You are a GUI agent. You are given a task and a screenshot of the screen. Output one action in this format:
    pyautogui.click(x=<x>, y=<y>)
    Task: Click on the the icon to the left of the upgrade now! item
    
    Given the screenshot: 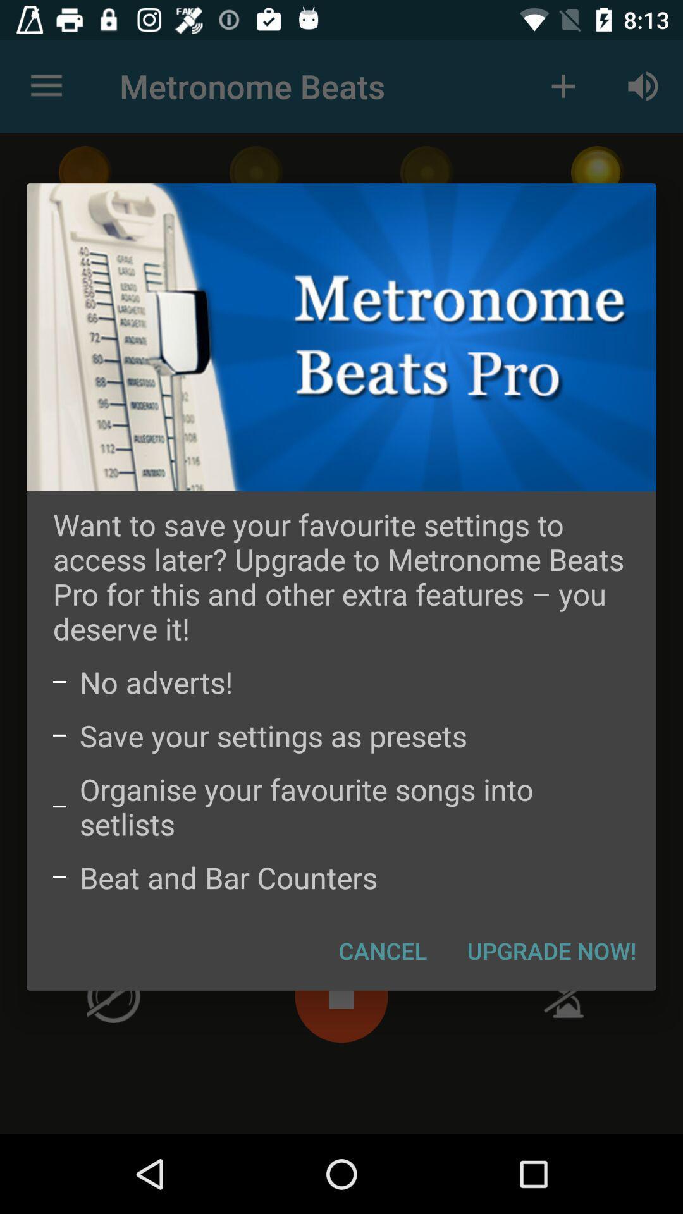 What is the action you would take?
    pyautogui.click(x=382, y=950)
    